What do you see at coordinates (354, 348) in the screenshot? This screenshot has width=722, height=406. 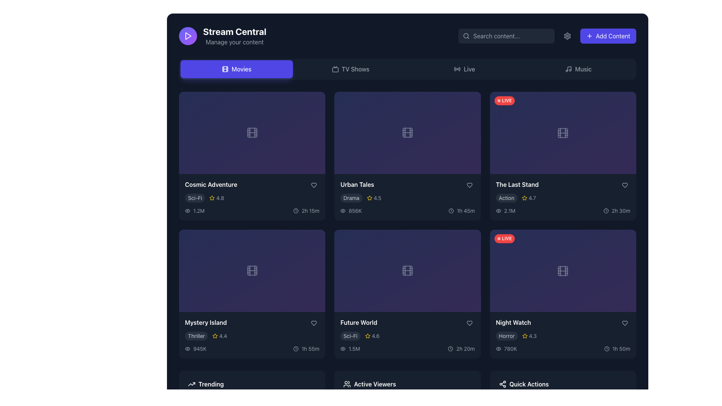 I see `the text of the informational label displaying the number of views for the 'Future World' media card, located under the card in the viewer statistics section` at bounding box center [354, 348].